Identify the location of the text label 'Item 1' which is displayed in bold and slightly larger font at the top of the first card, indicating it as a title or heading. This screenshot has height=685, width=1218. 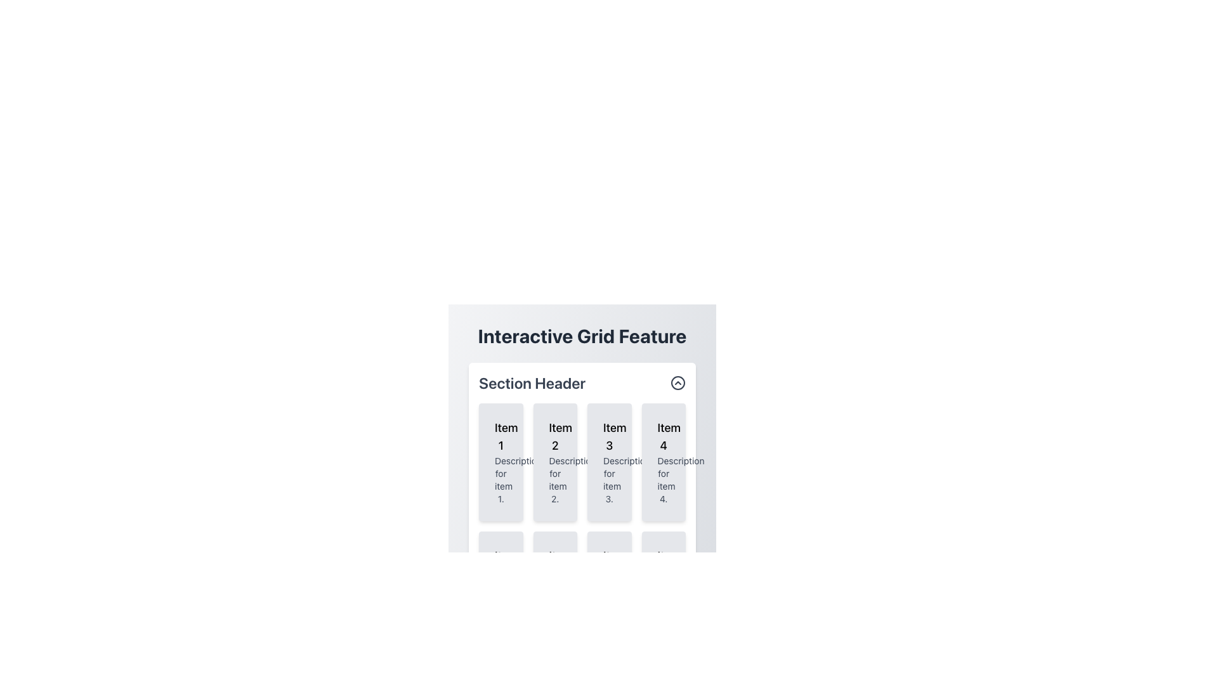
(500, 436).